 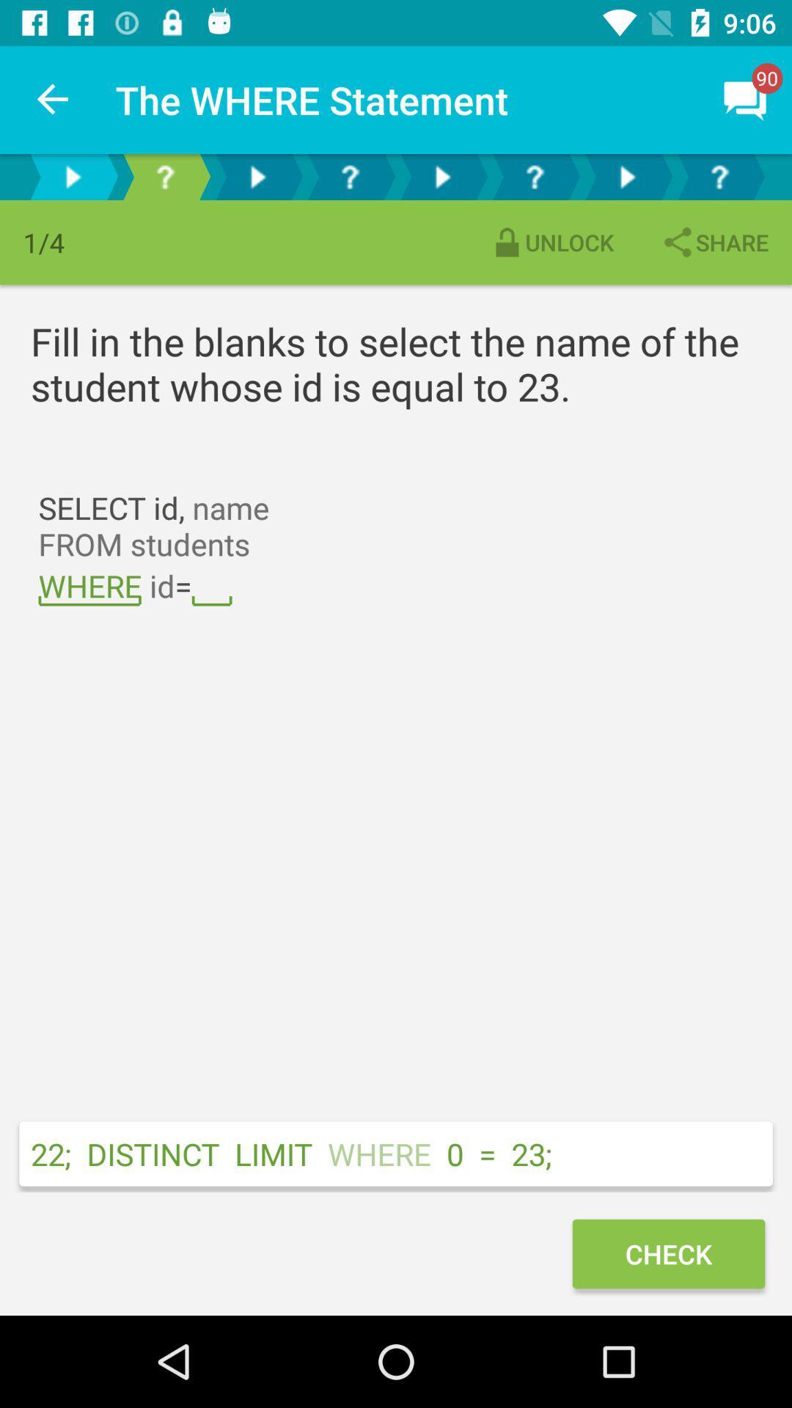 What do you see at coordinates (350, 176) in the screenshot?
I see `the 2nd question mark below statement` at bounding box center [350, 176].